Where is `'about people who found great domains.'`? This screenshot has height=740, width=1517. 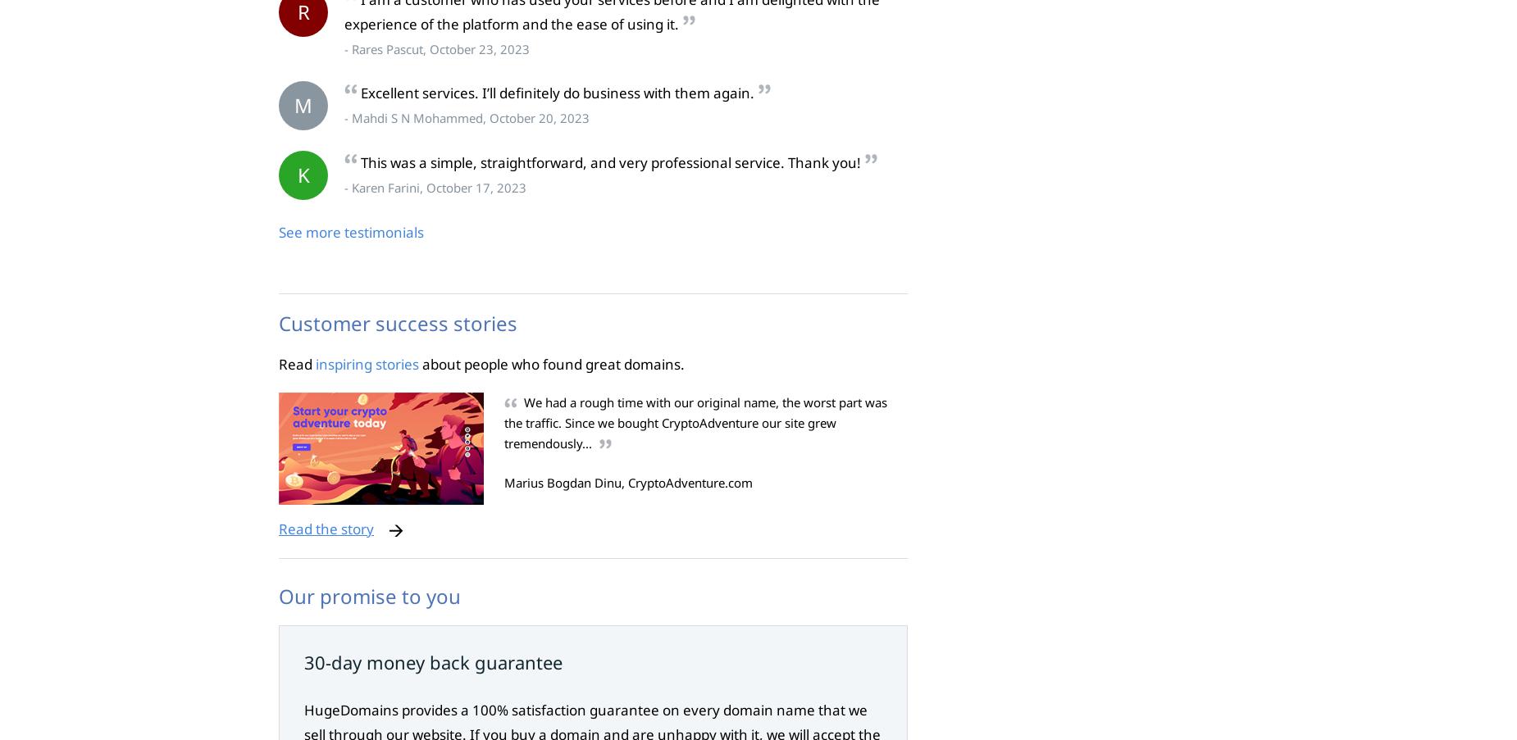 'about people who found great domains.' is located at coordinates (418, 362).